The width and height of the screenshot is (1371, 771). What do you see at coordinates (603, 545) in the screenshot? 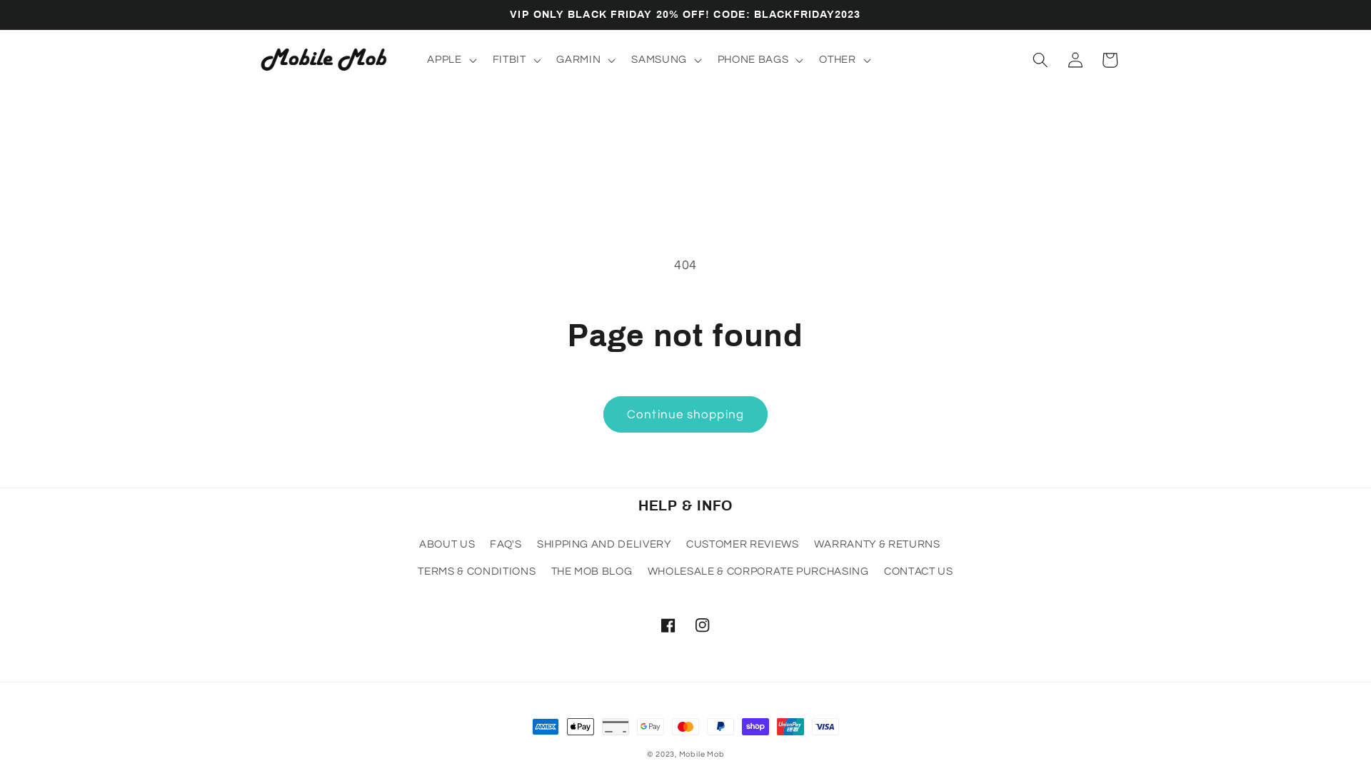
I see `'SHIPPING AND DELIVERY'` at bounding box center [603, 545].